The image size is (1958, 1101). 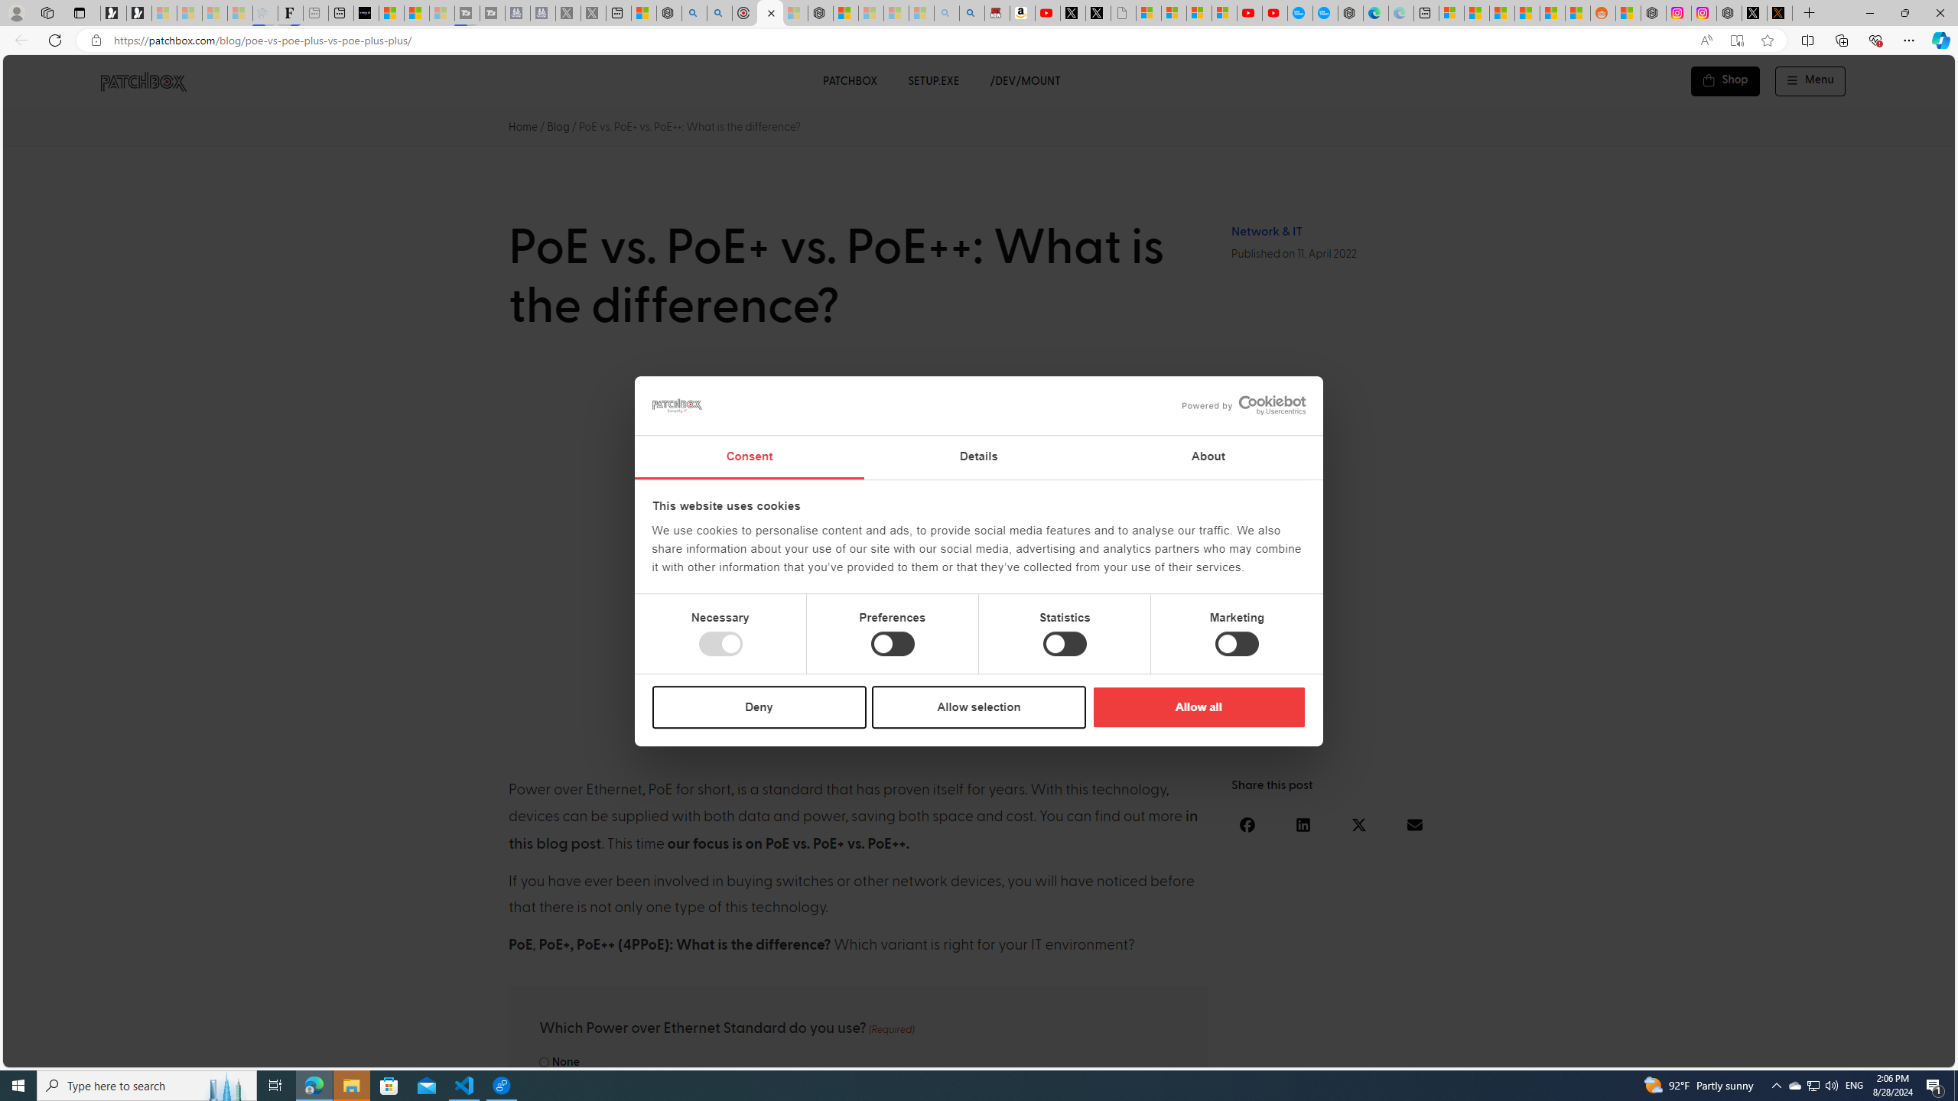 What do you see at coordinates (849, 81) in the screenshot?
I see `'PATCHBOX'` at bounding box center [849, 81].